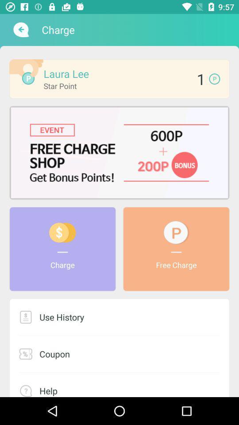 The width and height of the screenshot is (239, 425). What do you see at coordinates (20, 30) in the screenshot?
I see `back` at bounding box center [20, 30].